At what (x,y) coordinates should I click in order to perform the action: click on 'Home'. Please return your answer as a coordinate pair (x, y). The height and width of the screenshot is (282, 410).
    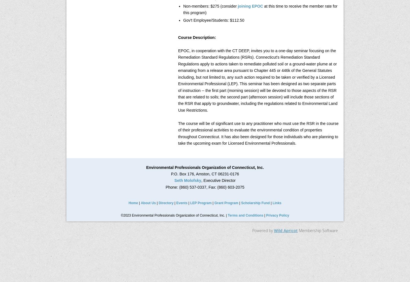
    Looking at the image, I should click on (133, 203).